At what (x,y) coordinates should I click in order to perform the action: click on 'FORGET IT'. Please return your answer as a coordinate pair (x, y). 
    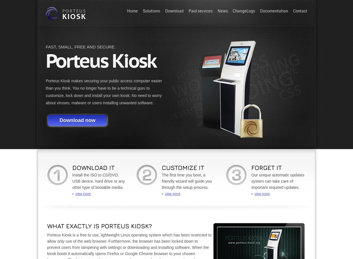
    Looking at the image, I should click on (266, 167).